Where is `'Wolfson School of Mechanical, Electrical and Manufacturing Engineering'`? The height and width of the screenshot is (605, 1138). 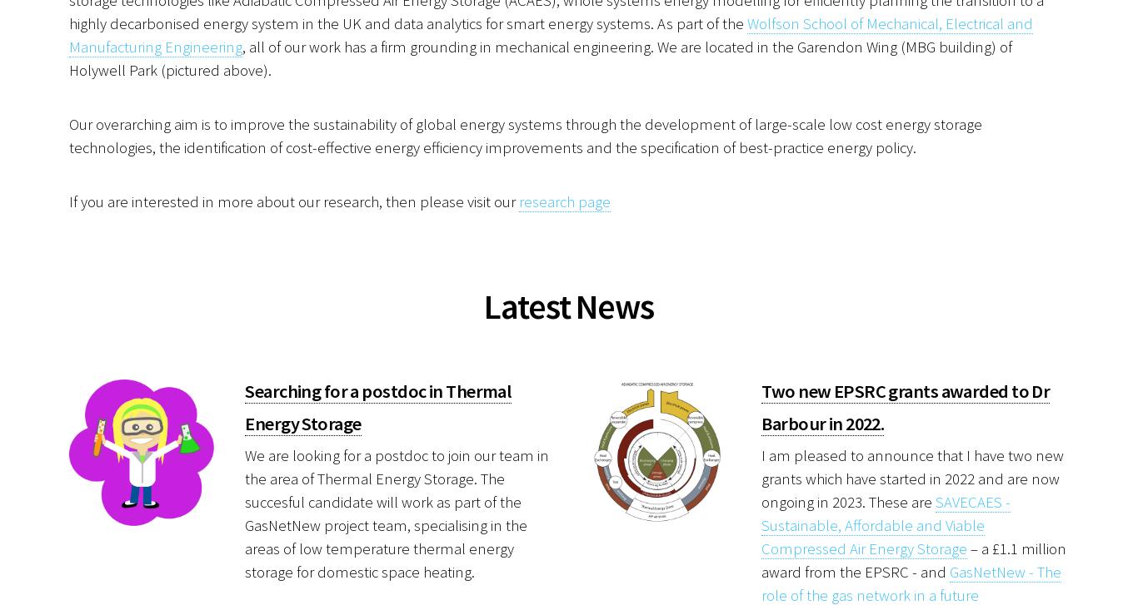
'Wolfson School of Mechanical, Electrical and Manufacturing Engineering' is located at coordinates (550, 34).